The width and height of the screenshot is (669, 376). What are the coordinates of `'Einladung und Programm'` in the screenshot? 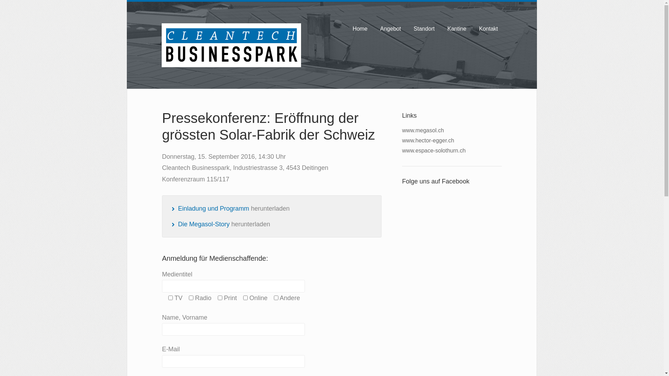 It's located at (213, 208).